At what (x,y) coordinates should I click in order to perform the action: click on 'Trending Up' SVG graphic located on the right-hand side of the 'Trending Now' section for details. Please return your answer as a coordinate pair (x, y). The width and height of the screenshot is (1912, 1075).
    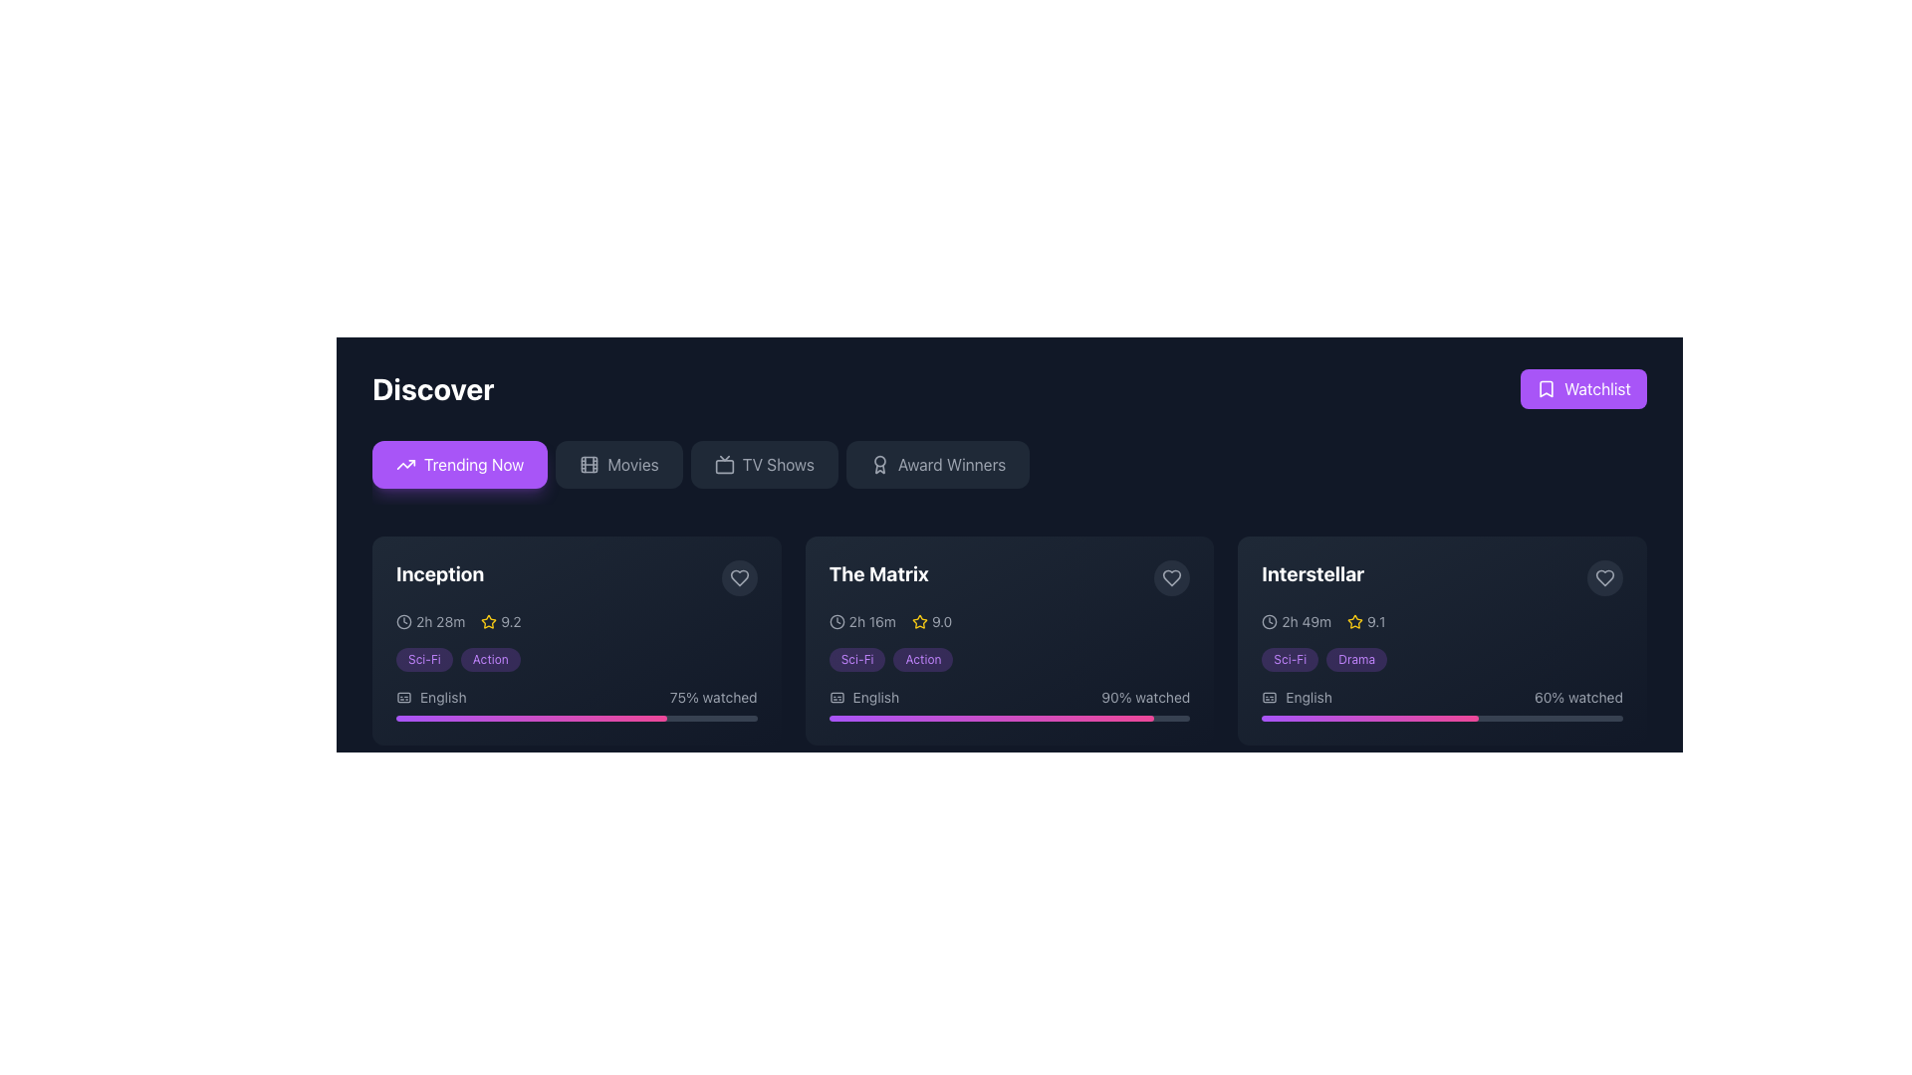
    Looking at the image, I should click on (405, 464).